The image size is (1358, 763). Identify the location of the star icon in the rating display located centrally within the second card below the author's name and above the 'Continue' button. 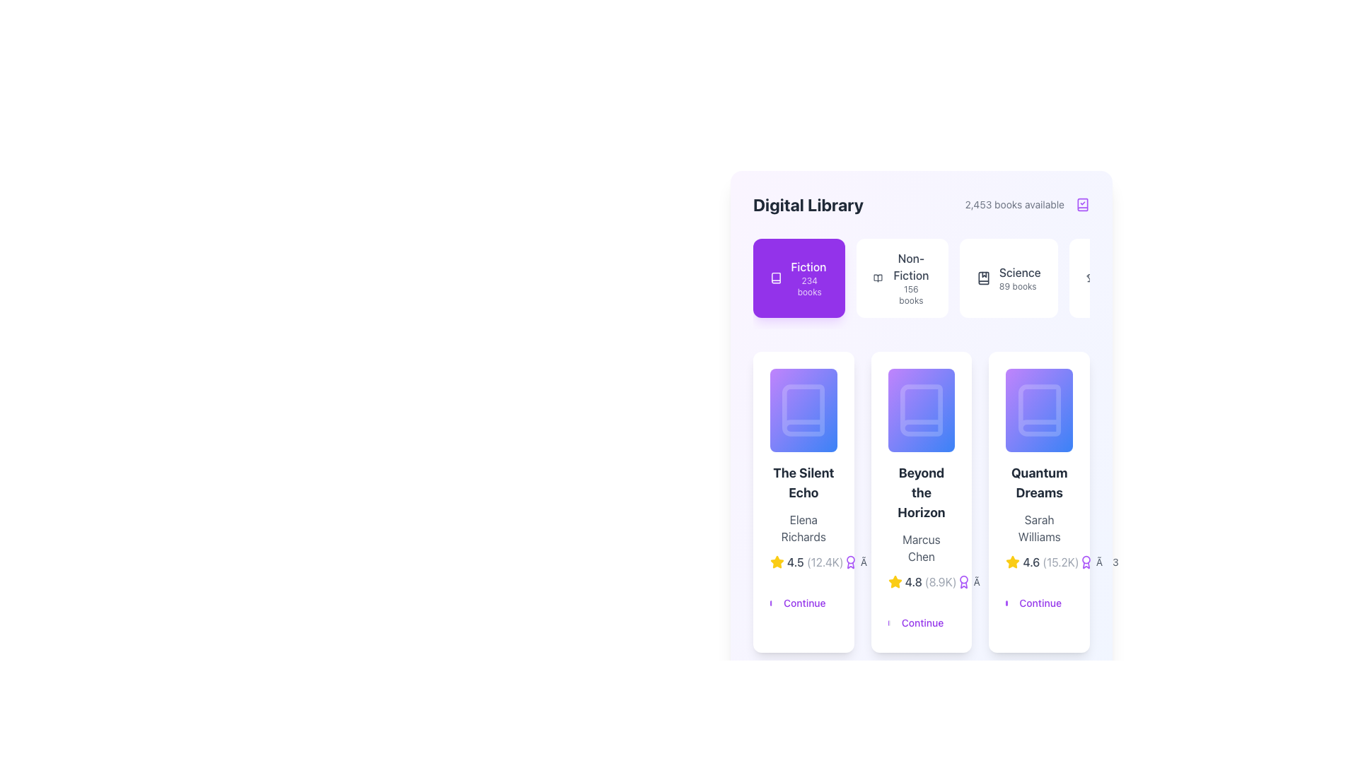
(921, 582).